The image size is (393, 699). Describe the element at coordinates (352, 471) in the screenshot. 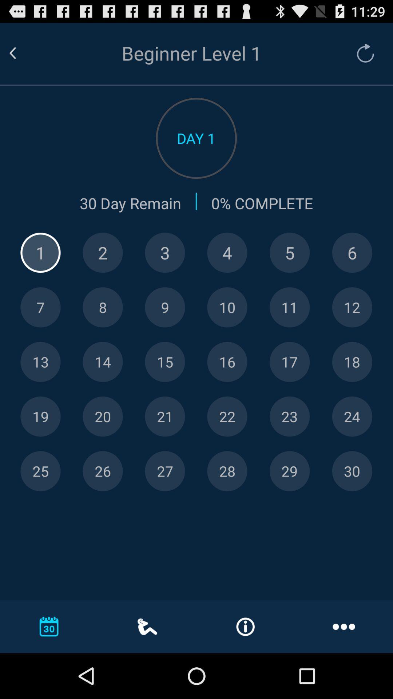

I see `let you look at that specific day` at that location.